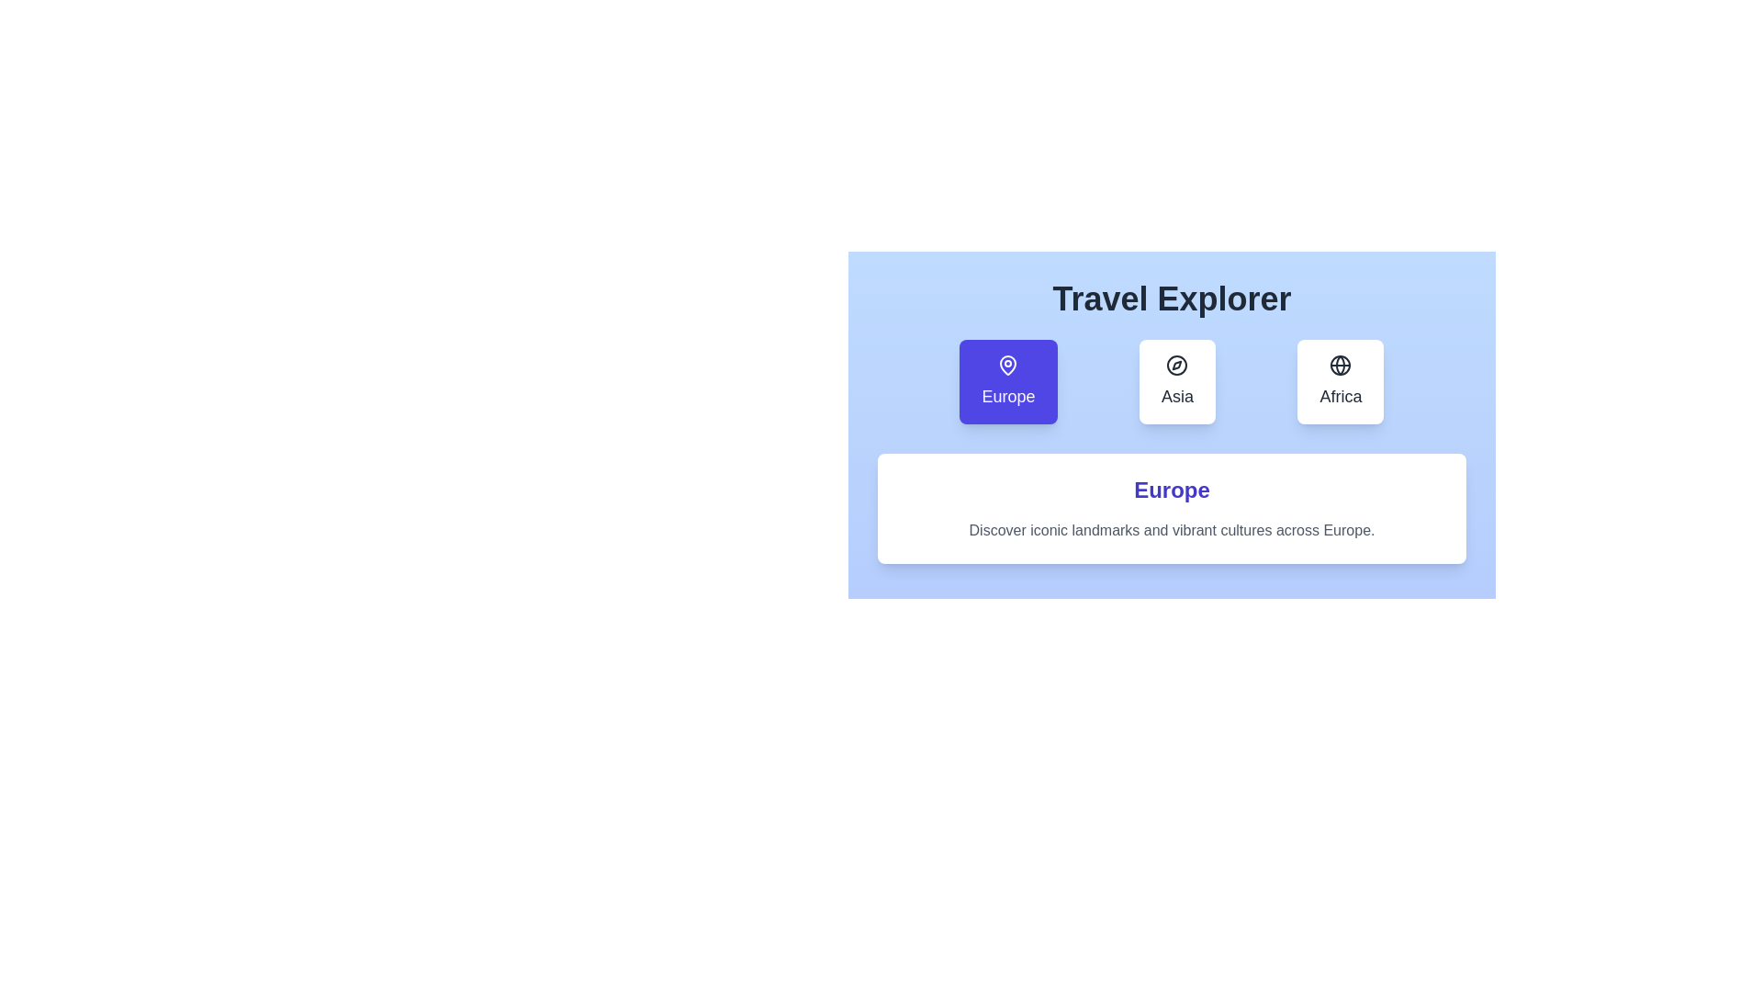  What do you see at coordinates (1341, 365) in the screenshot?
I see `the decorative icon representing the 'Africa' option in the top-right section of the menu interface` at bounding box center [1341, 365].